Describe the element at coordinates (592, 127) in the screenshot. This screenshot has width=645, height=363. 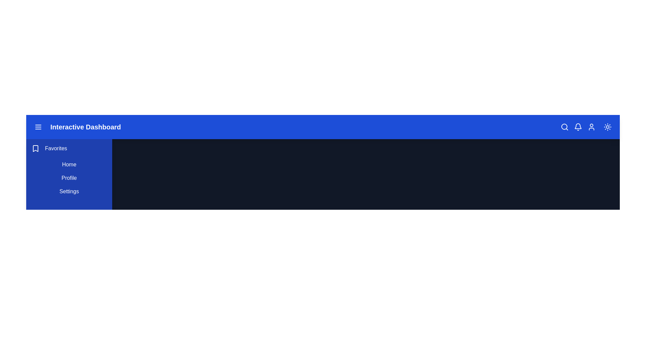
I see `the user profile icon` at that location.